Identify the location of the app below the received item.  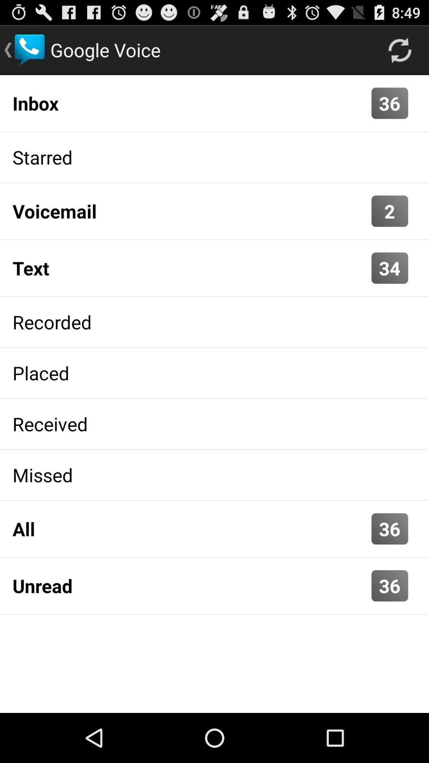
(214, 475).